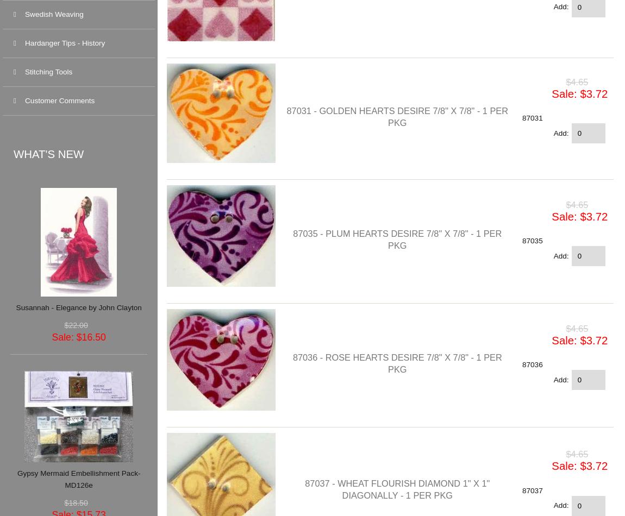 Image resolution: width=625 pixels, height=516 pixels. What do you see at coordinates (397, 488) in the screenshot?
I see `'87037 - Wheat Flourish Diamond 1" x 1" diagonally -  1 per pkg'` at bounding box center [397, 488].